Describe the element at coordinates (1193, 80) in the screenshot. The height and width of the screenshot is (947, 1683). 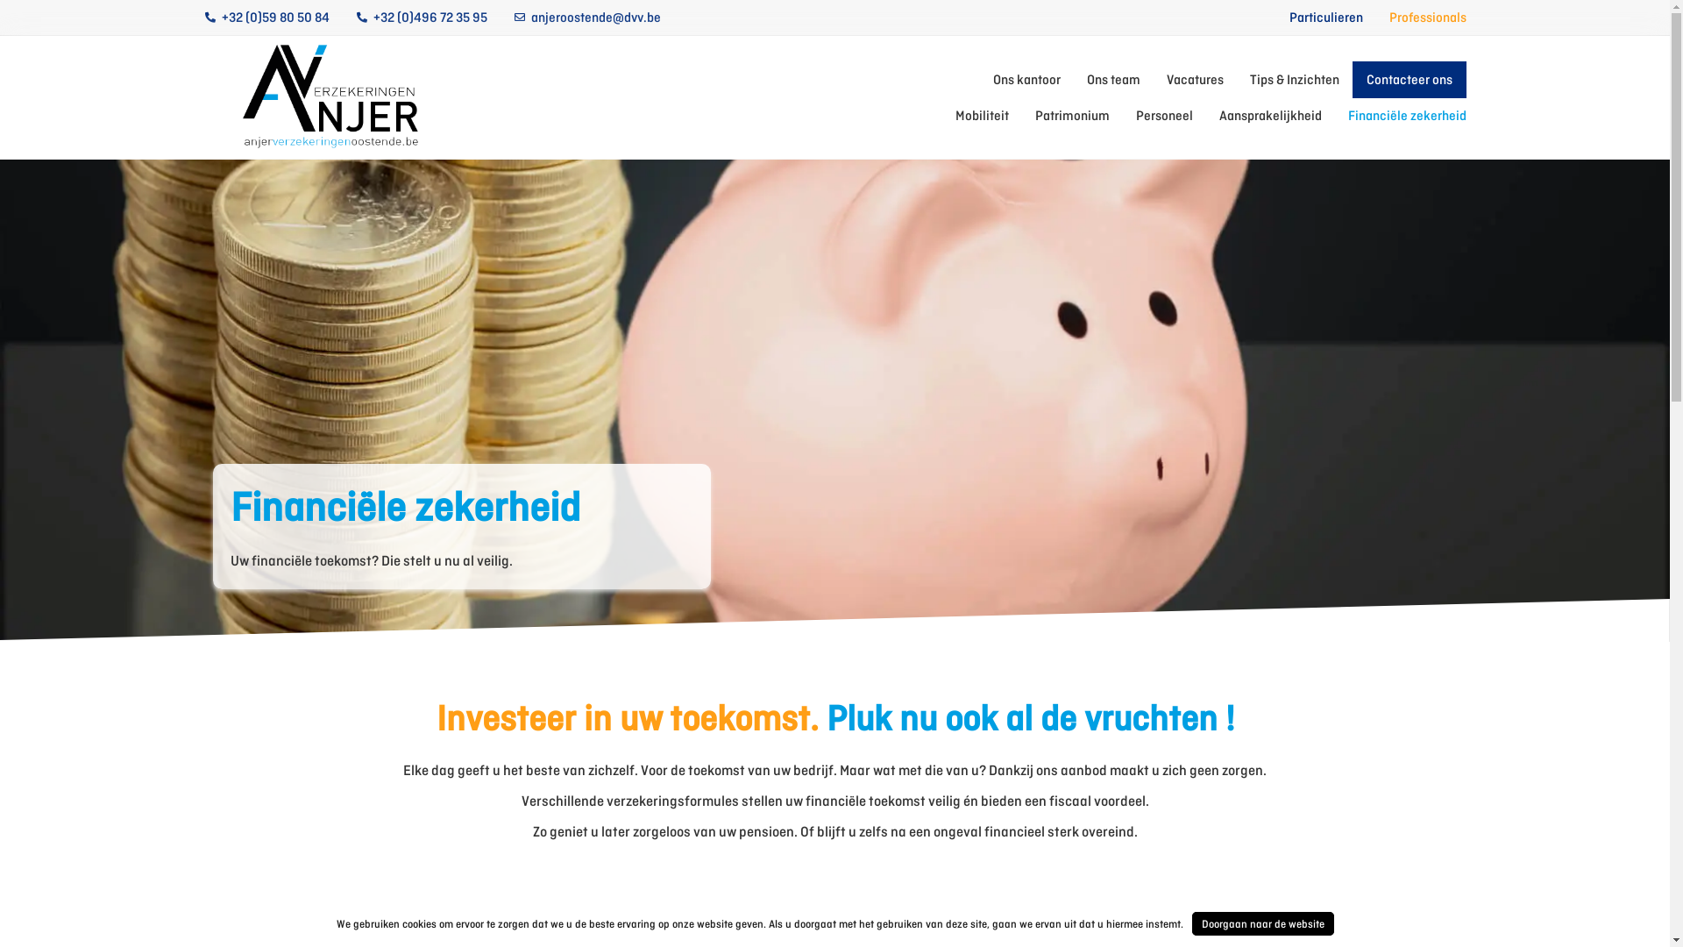
I see `'Vacatures'` at that location.